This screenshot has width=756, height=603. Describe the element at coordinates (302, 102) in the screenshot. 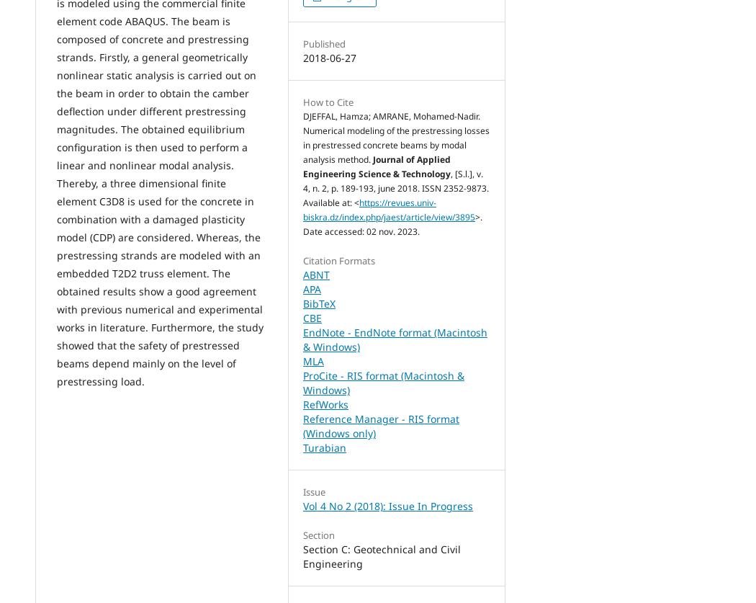

I see `'How to Cite'` at that location.